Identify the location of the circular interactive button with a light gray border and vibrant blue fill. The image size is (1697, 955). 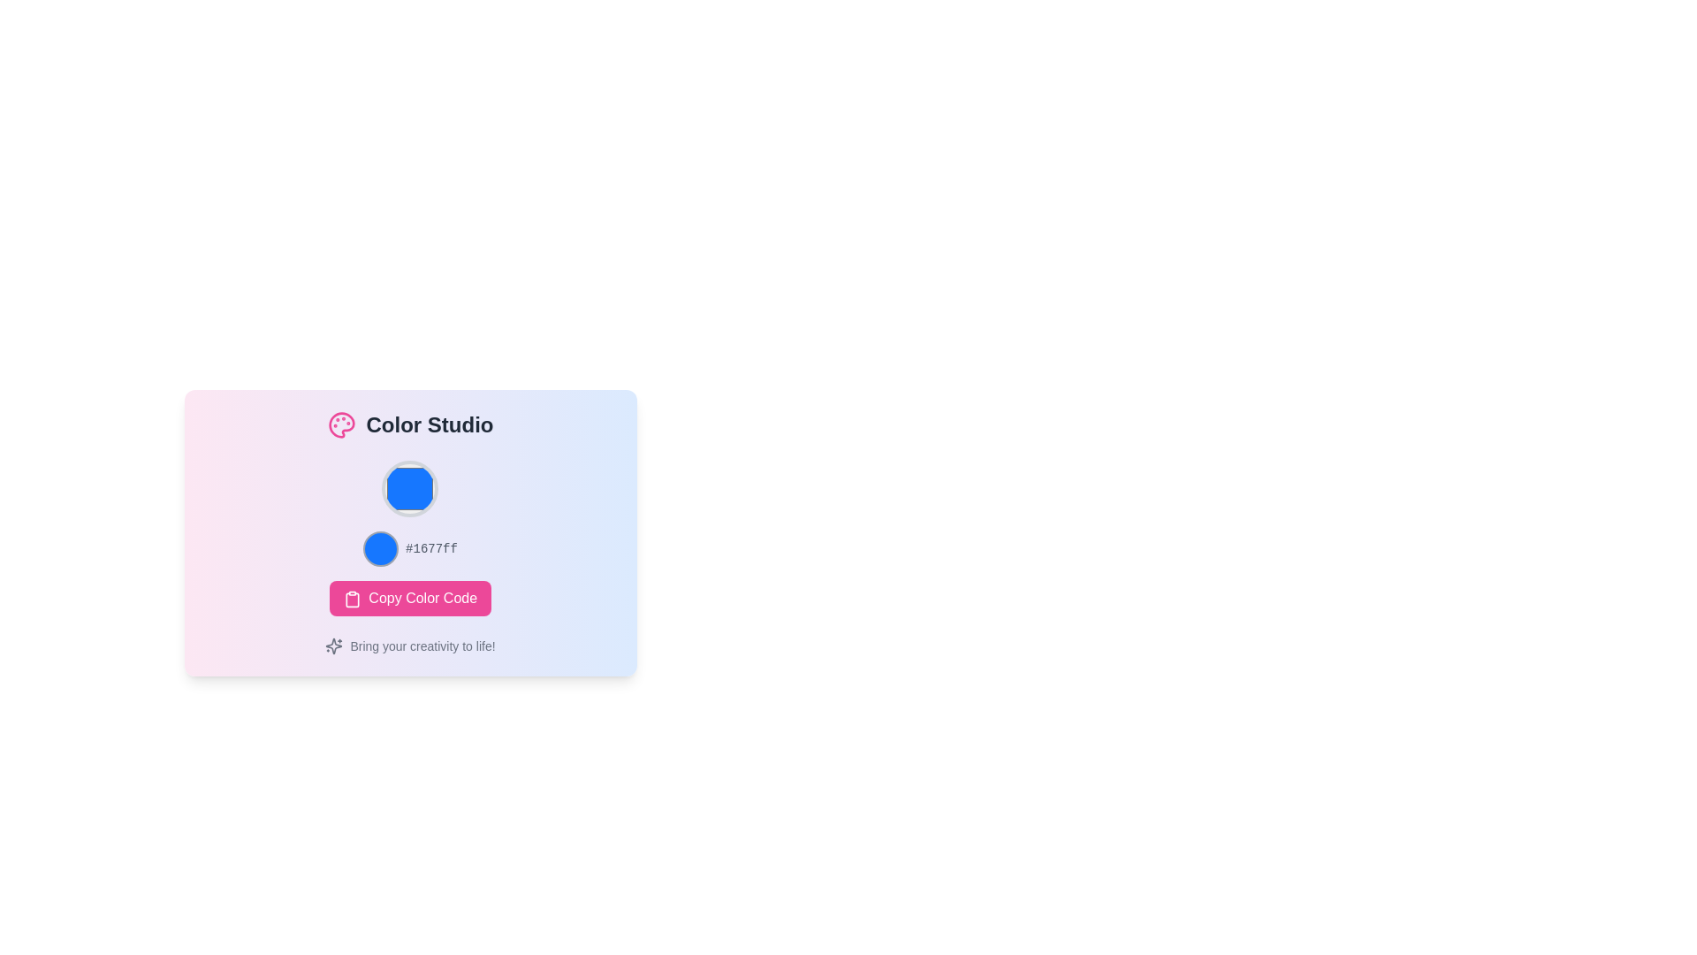
(409, 488).